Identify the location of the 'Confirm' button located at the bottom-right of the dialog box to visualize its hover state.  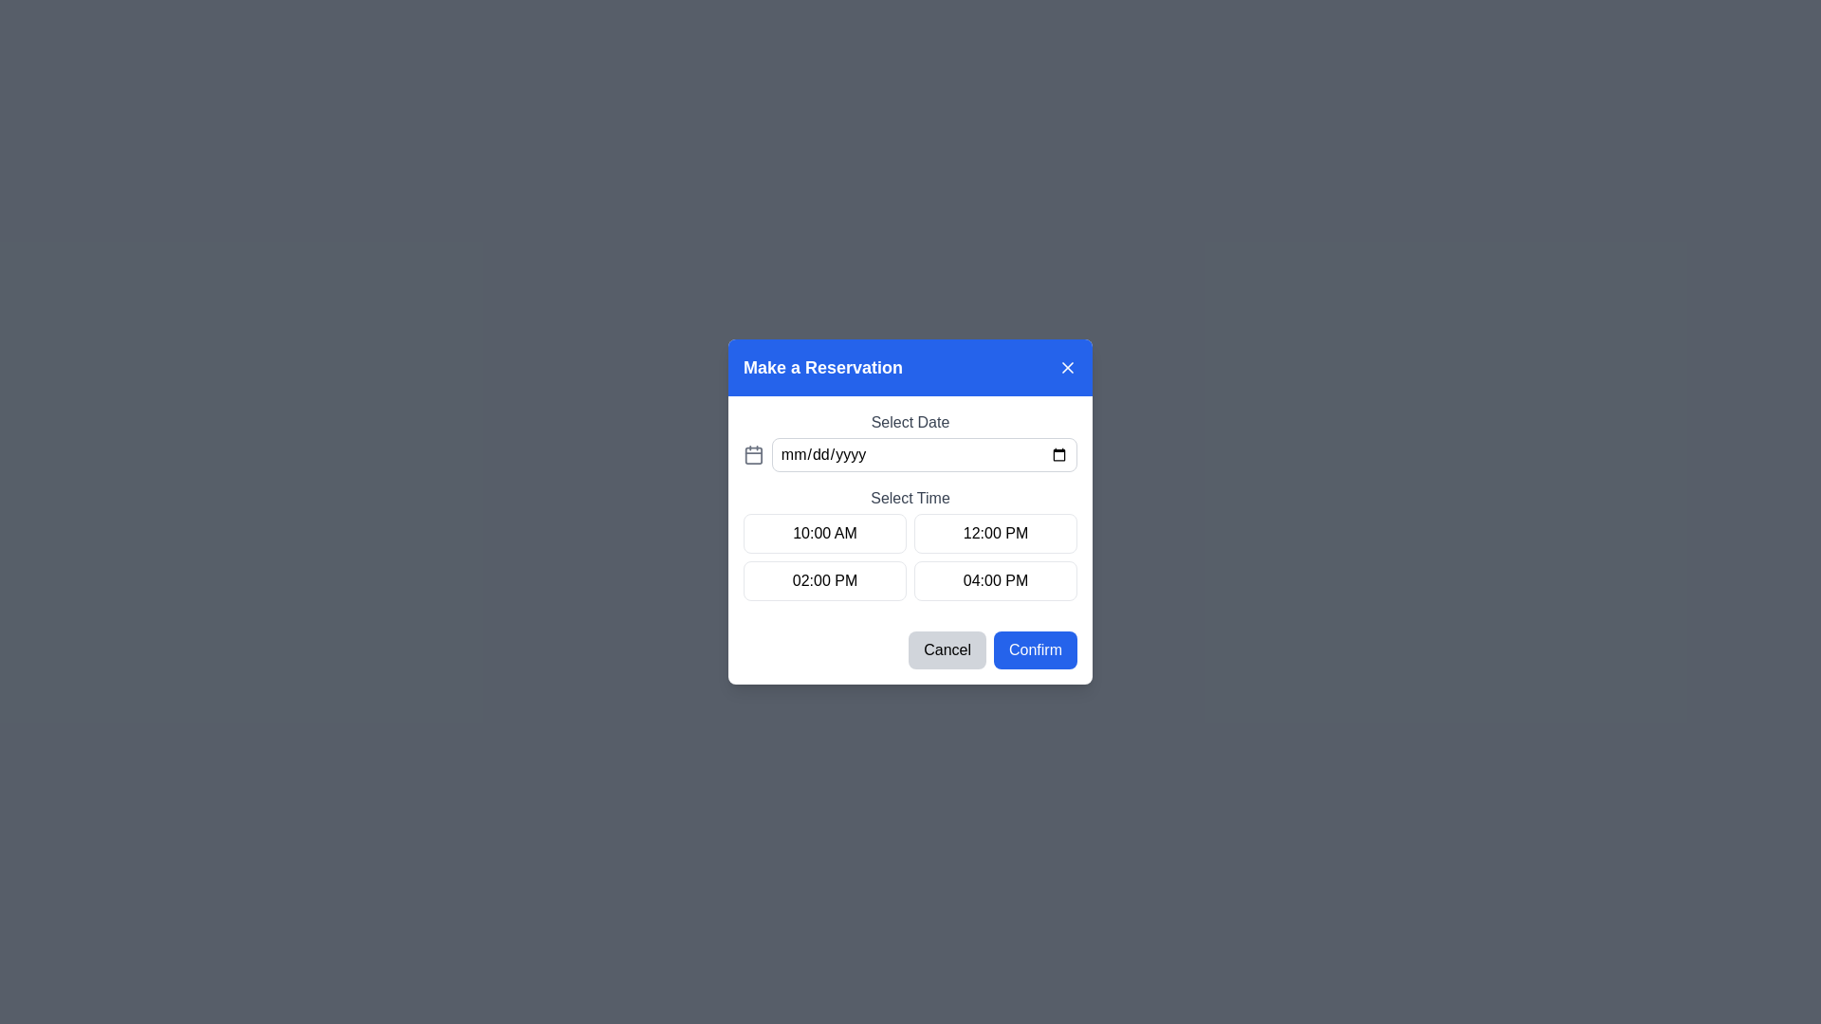
(1034, 649).